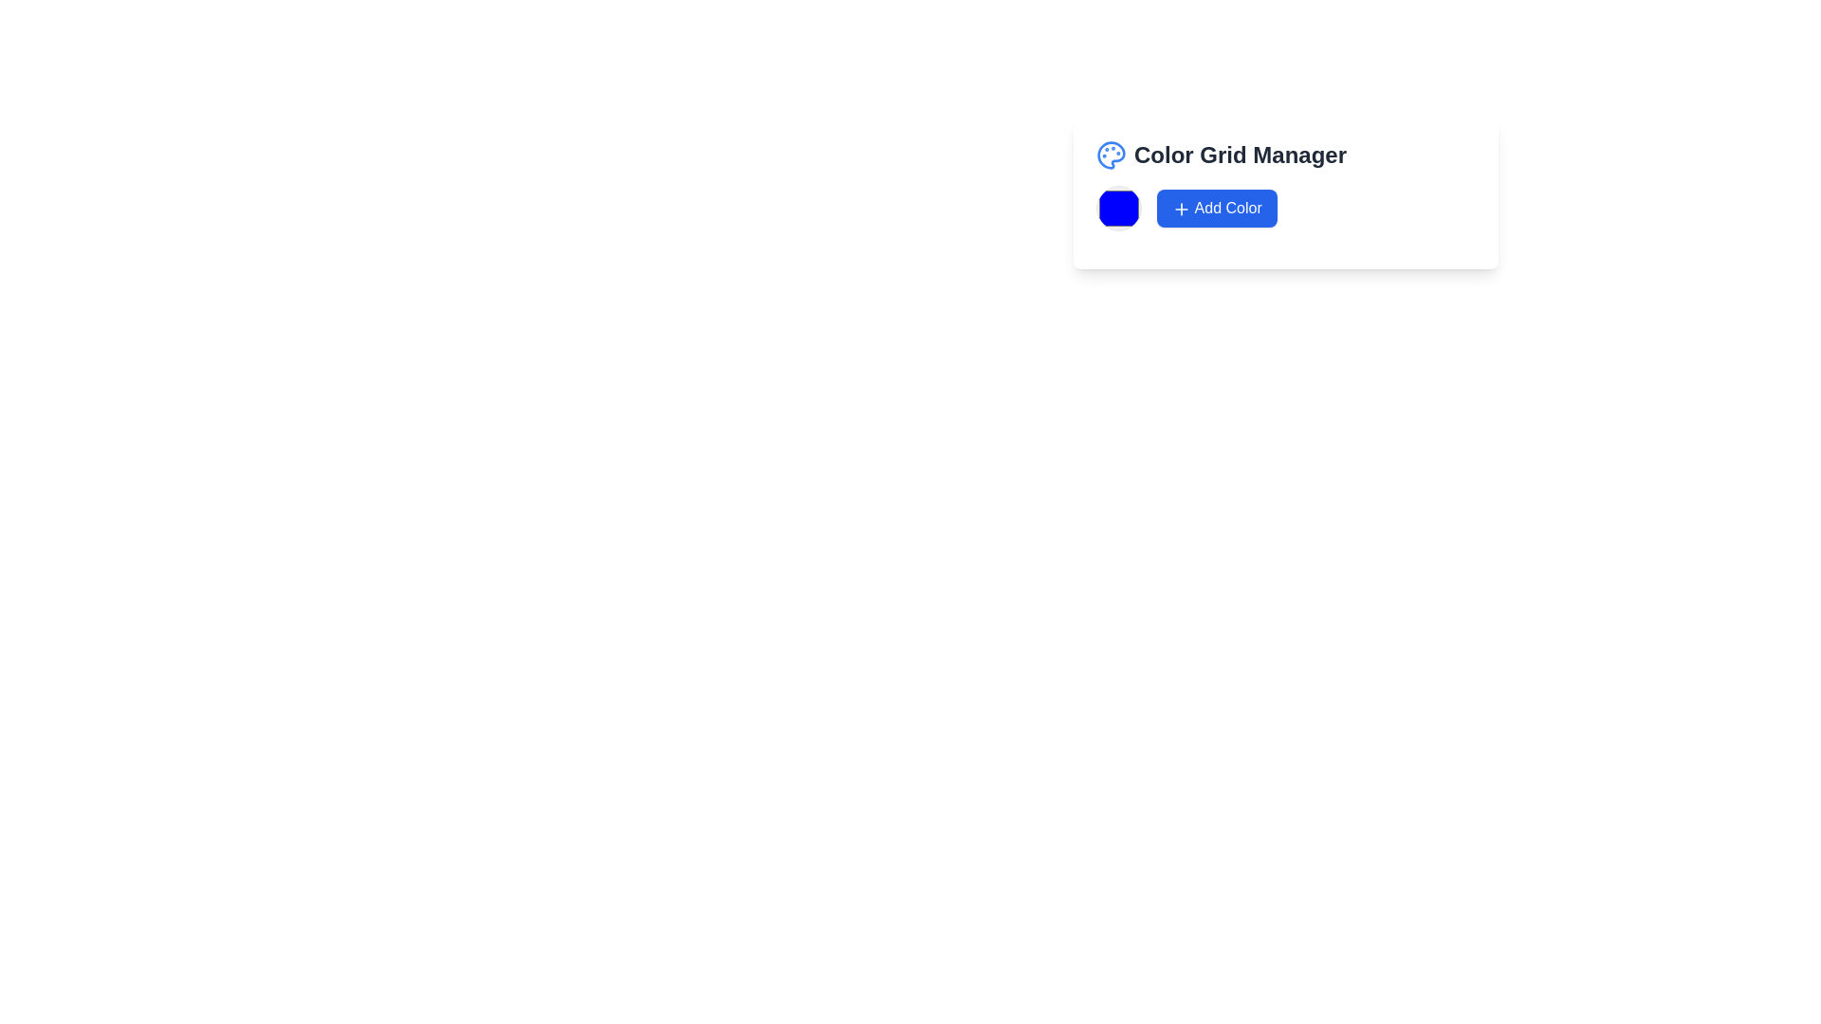 Image resolution: width=1821 pixels, height=1024 pixels. I want to click on the static text label identifying the color grid management area, which includes an icon on its left and is positioned above the 'Add Color' components, so click(1286, 155).